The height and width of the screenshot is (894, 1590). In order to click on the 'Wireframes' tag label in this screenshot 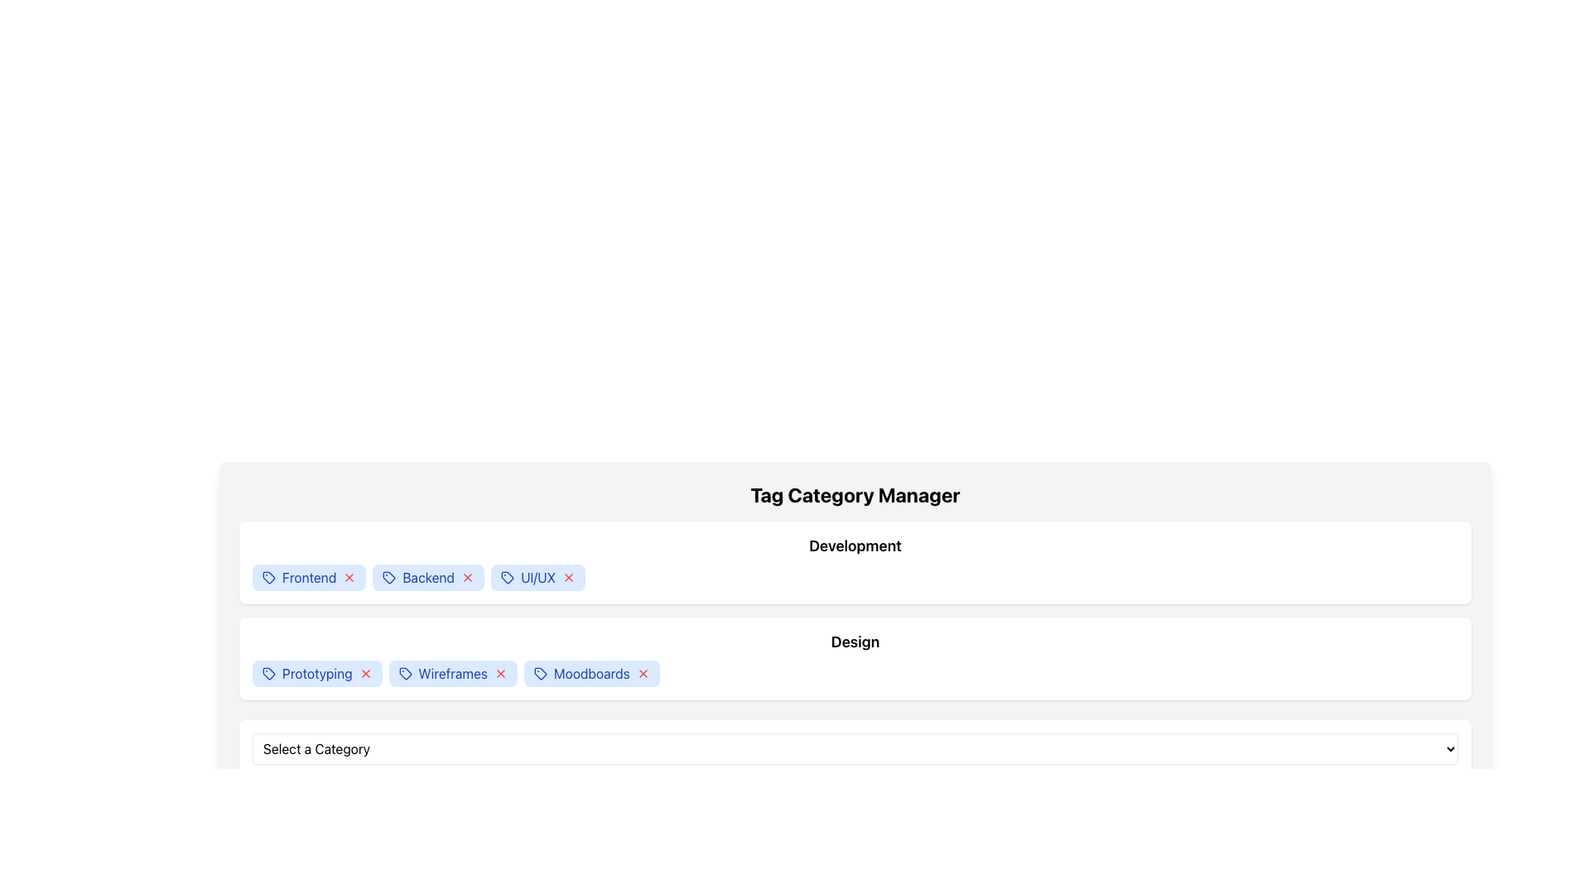, I will do `click(453, 673)`.